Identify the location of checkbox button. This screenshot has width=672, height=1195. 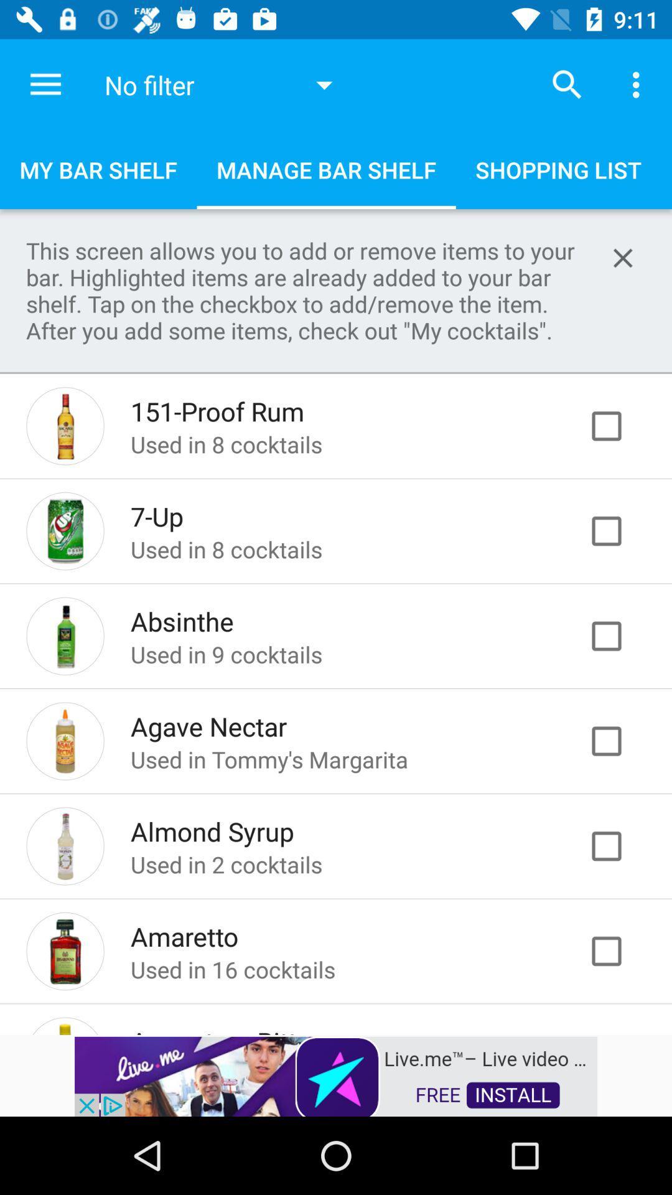
(619, 636).